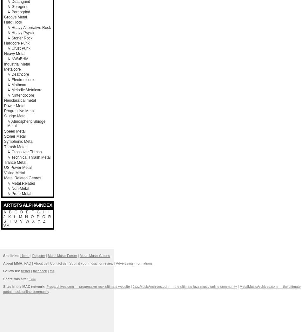  What do you see at coordinates (48, 212) in the screenshot?
I see `'I'` at bounding box center [48, 212].